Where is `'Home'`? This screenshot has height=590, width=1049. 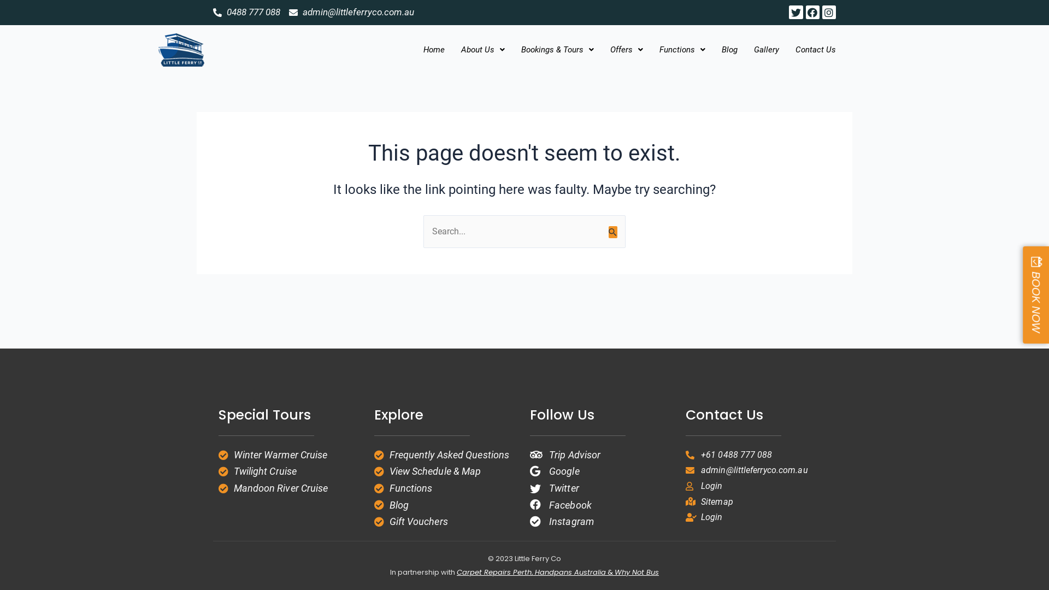 'Home' is located at coordinates (433, 50).